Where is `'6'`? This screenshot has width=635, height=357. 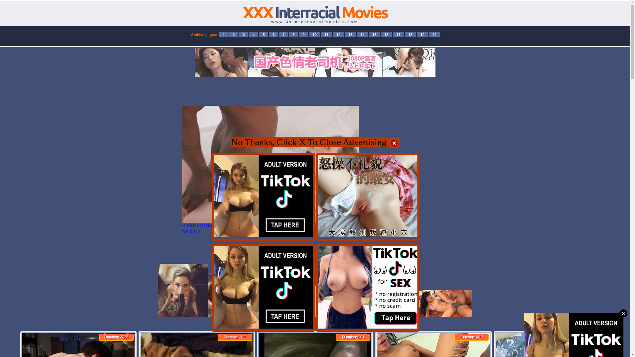
'6' is located at coordinates (273, 34).